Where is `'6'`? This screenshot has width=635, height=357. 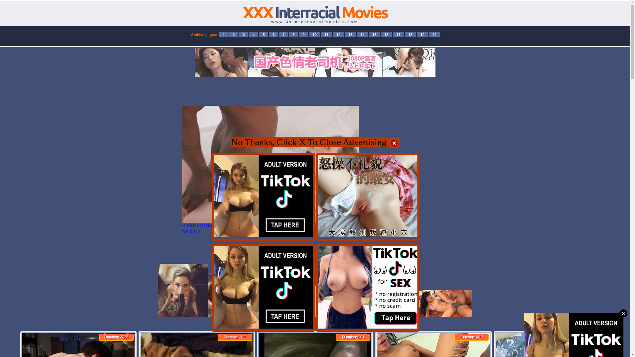
'6' is located at coordinates (273, 34).